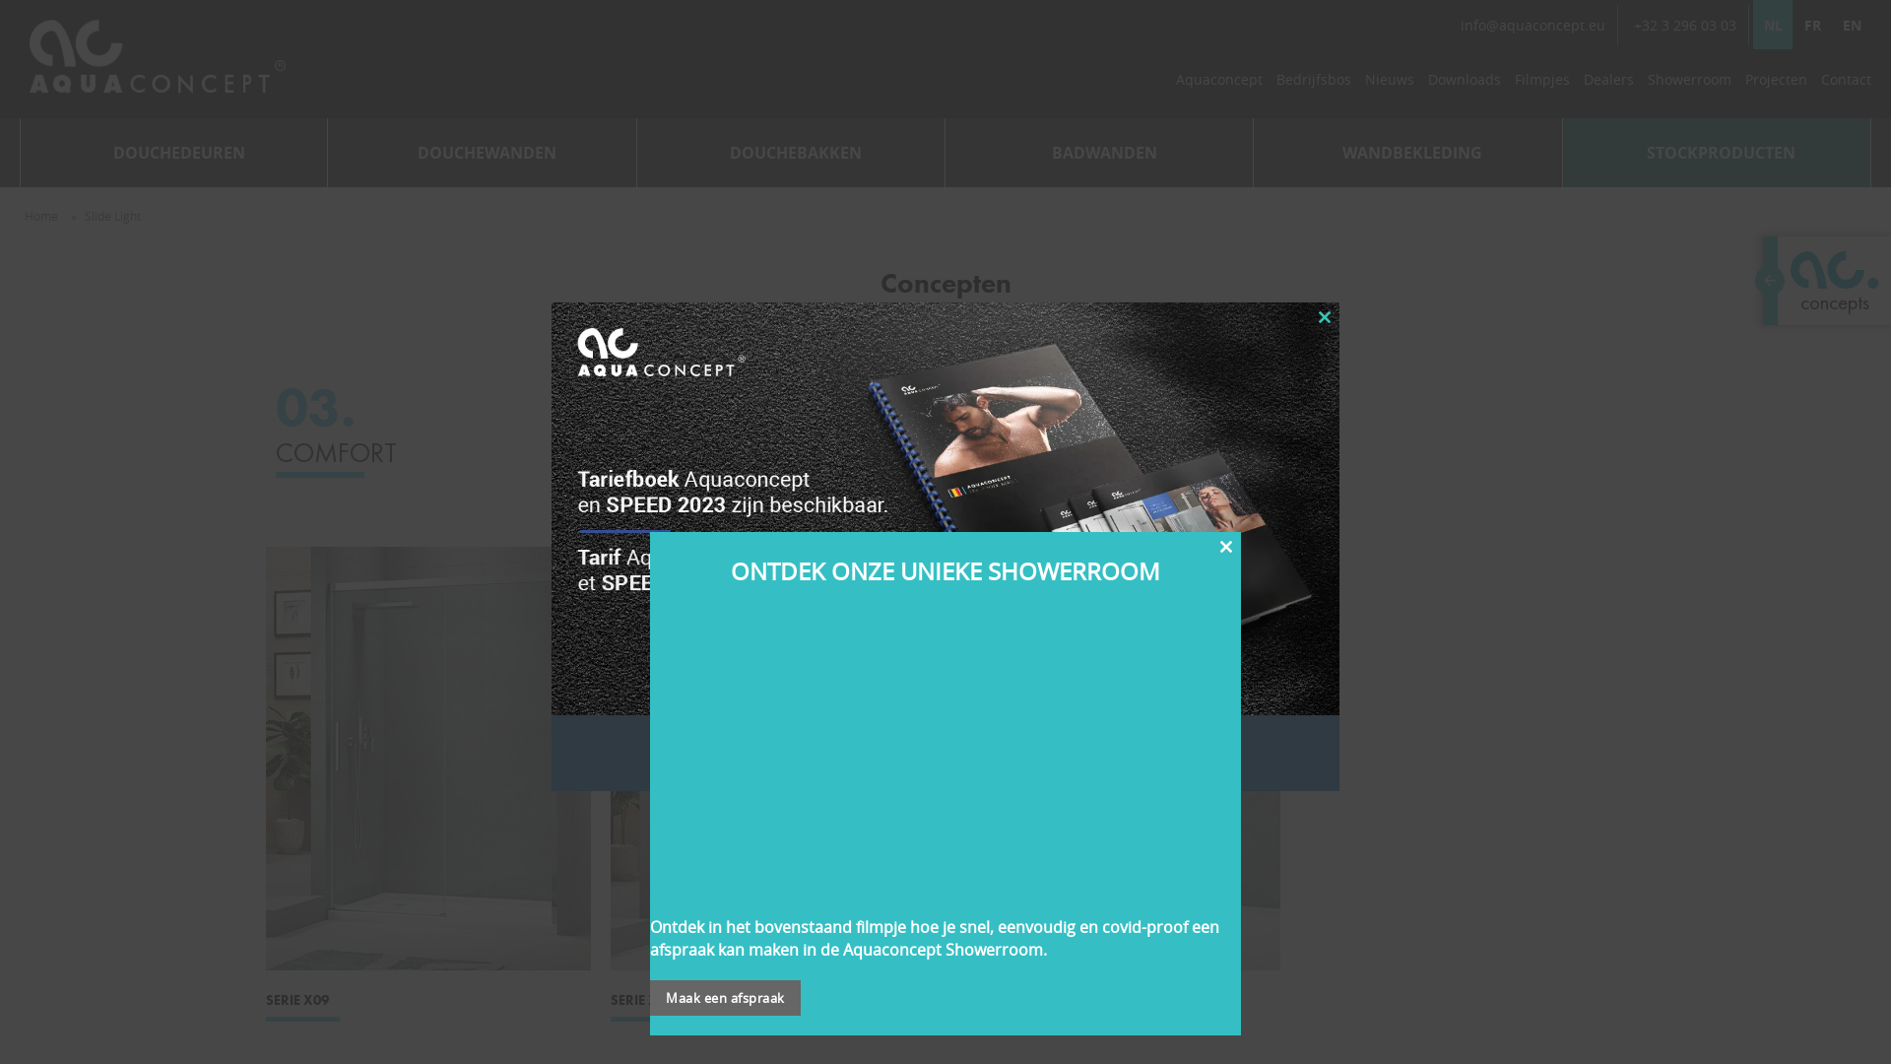 This screenshot has height=1064, width=1891. What do you see at coordinates (1683, 25) in the screenshot?
I see `'+32 3 296 03 03'` at bounding box center [1683, 25].